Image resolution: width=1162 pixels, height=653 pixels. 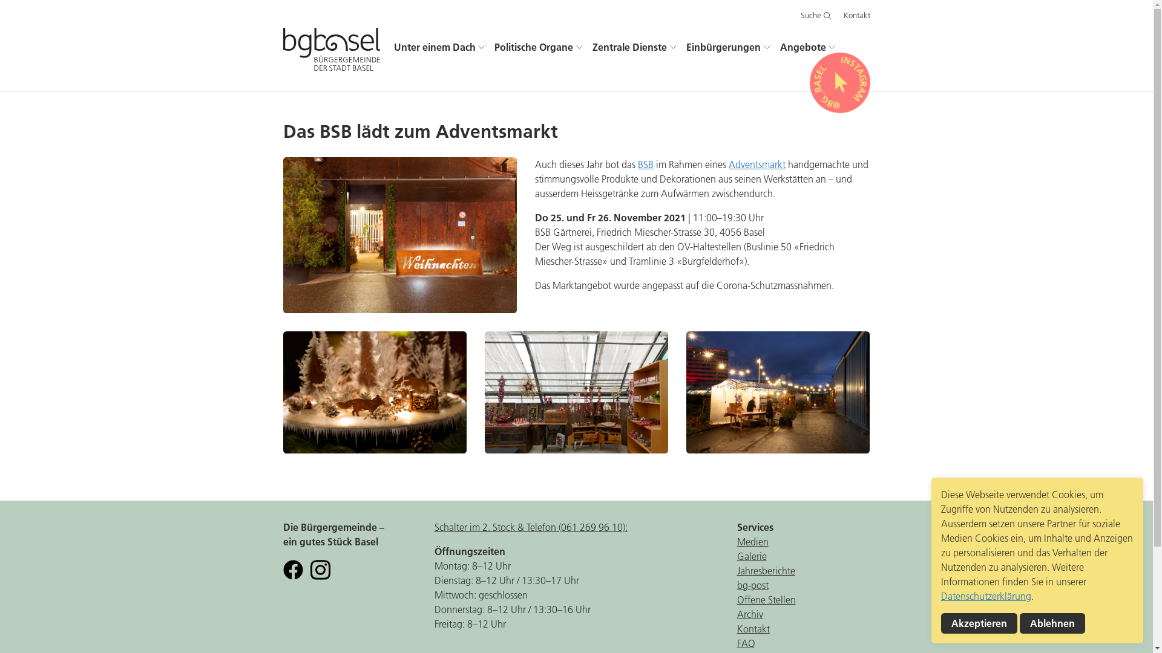 What do you see at coordinates (749, 614) in the screenshot?
I see `'Archiv'` at bounding box center [749, 614].